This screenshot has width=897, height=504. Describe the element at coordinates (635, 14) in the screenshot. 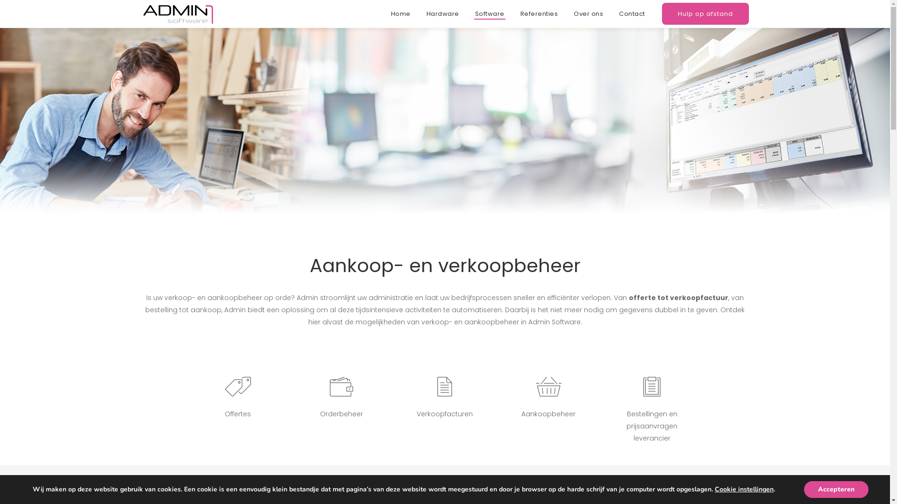

I see `'Contact'` at that location.